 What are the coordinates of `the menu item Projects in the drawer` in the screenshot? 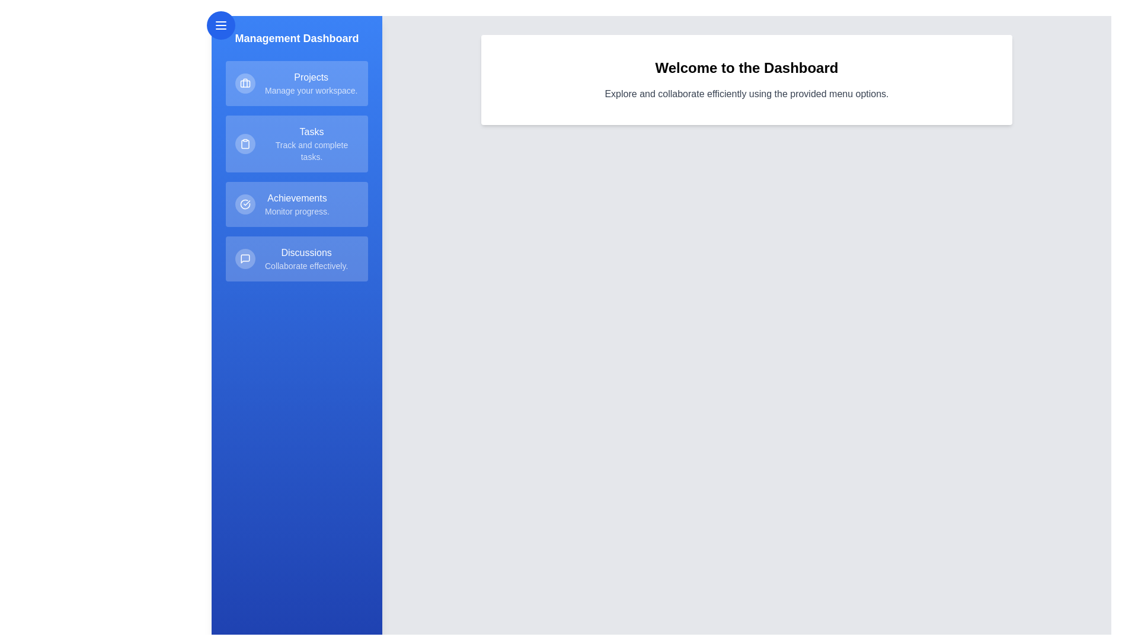 It's located at (296, 83).